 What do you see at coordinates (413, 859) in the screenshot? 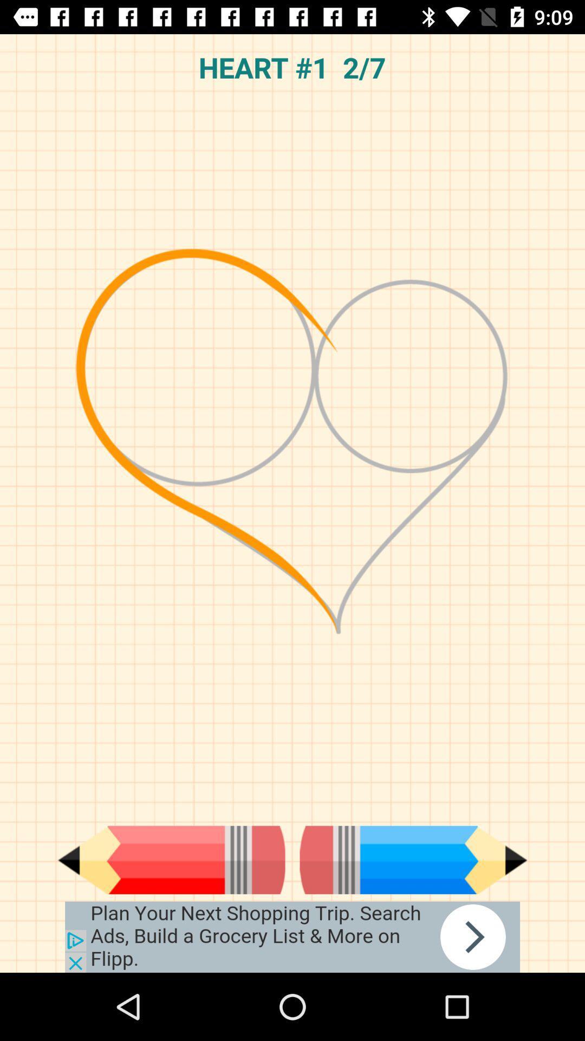
I see `go forward` at bounding box center [413, 859].